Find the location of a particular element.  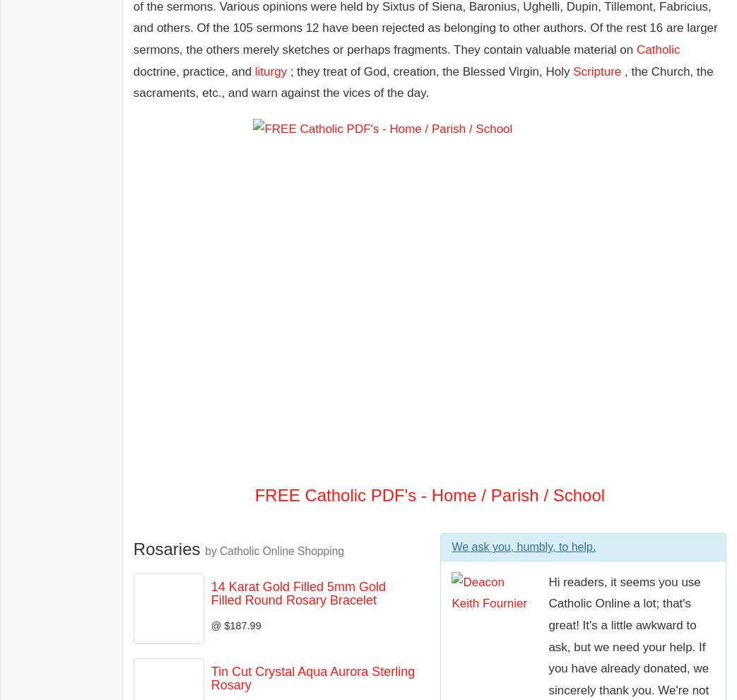

'liturgy' is located at coordinates (270, 70).